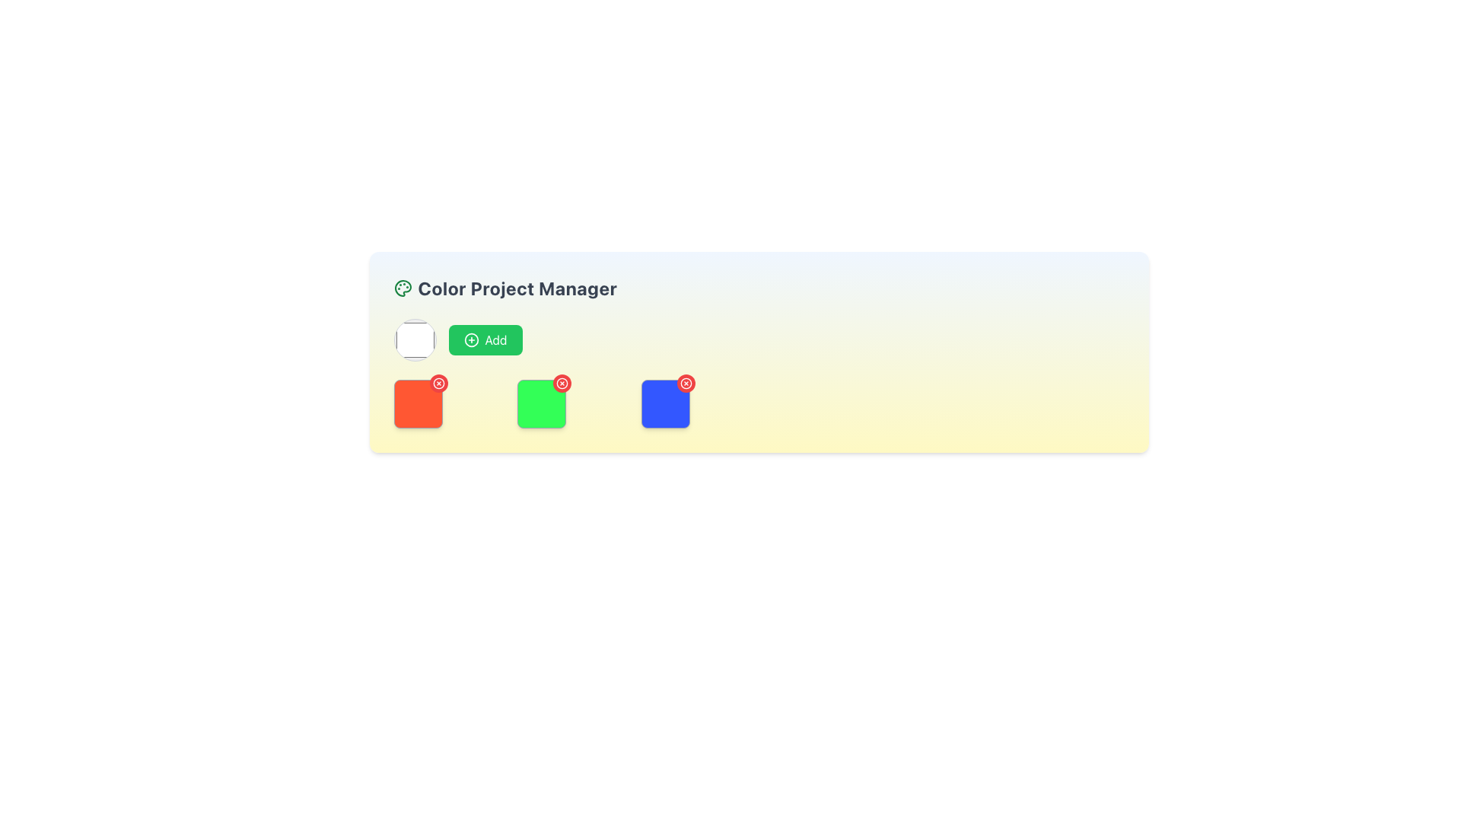 The height and width of the screenshot is (822, 1461). I want to click on the iconic button contained within a red circular badge at the top-right corner of the blue square, so click(685, 383).